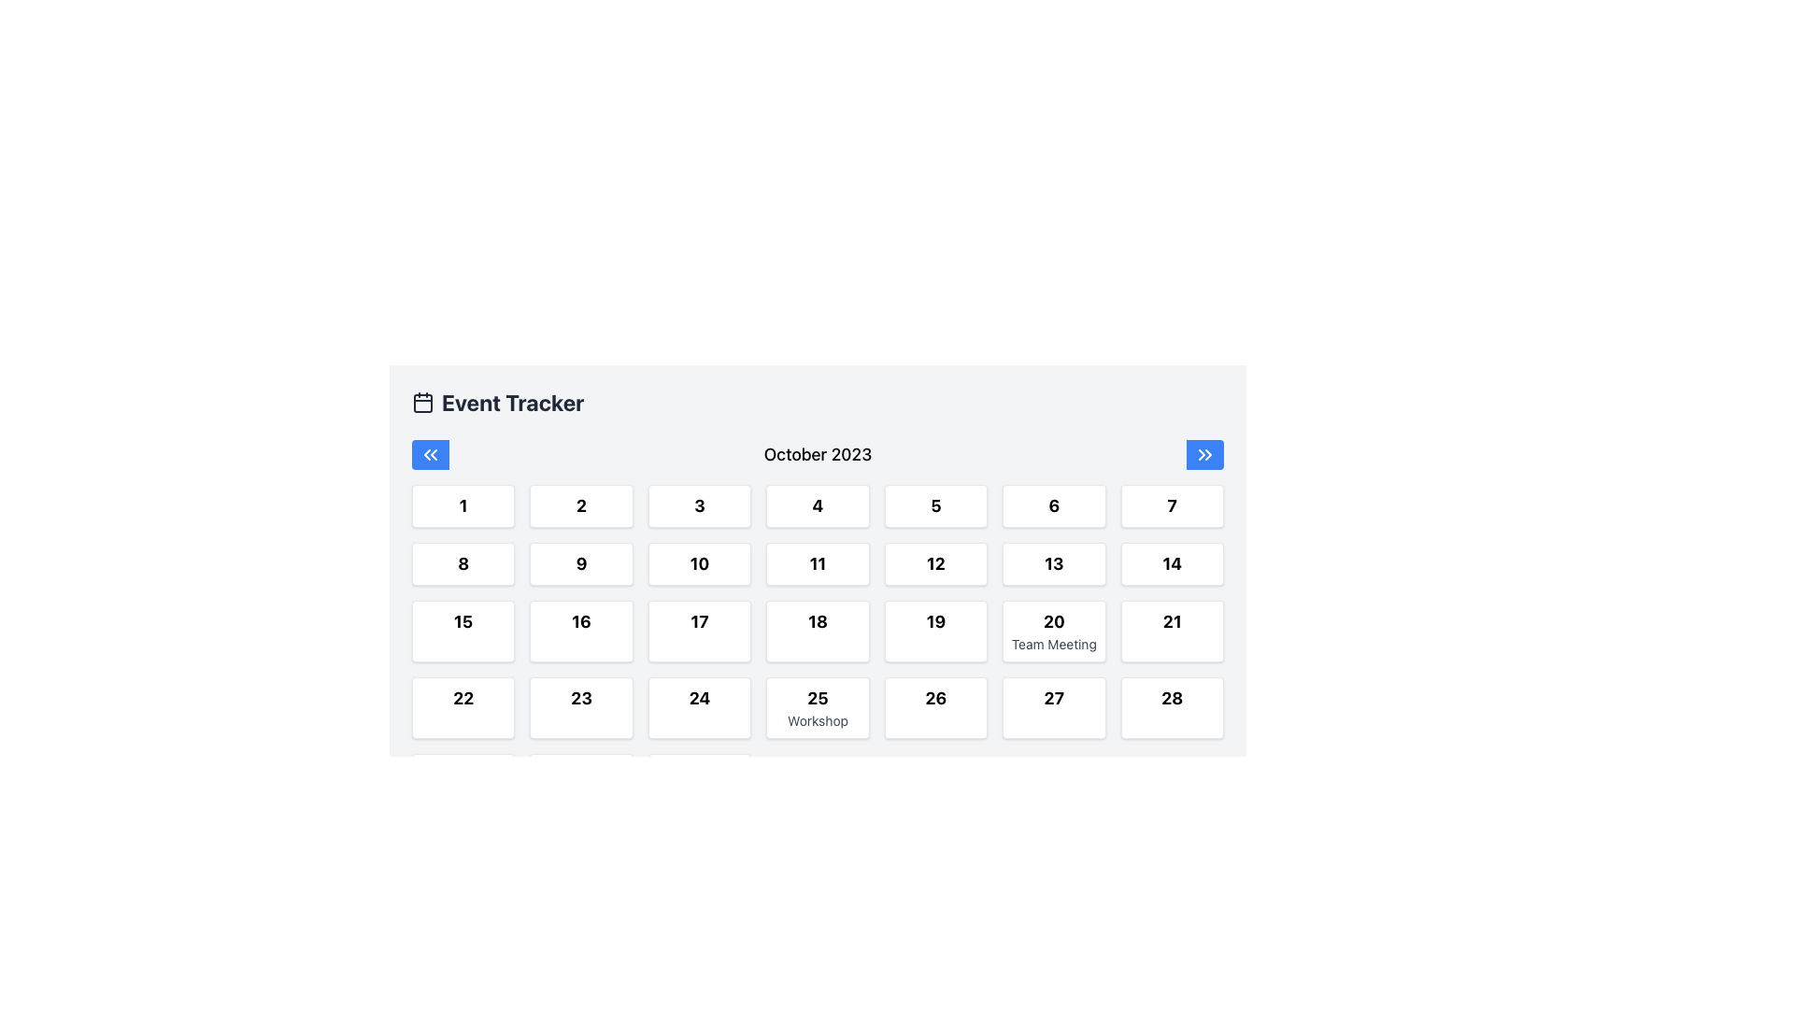 The width and height of the screenshot is (1794, 1009). Describe the element at coordinates (698, 699) in the screenshot. I see `the bold text label displaying the number '24'` at that location.